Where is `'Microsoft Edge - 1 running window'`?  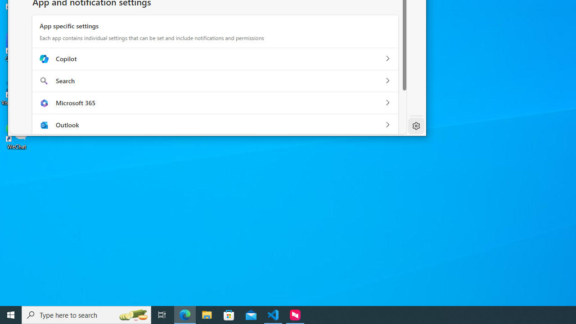
'Microsoft Edge - 1 running window' is located at coordinates (184, 314).